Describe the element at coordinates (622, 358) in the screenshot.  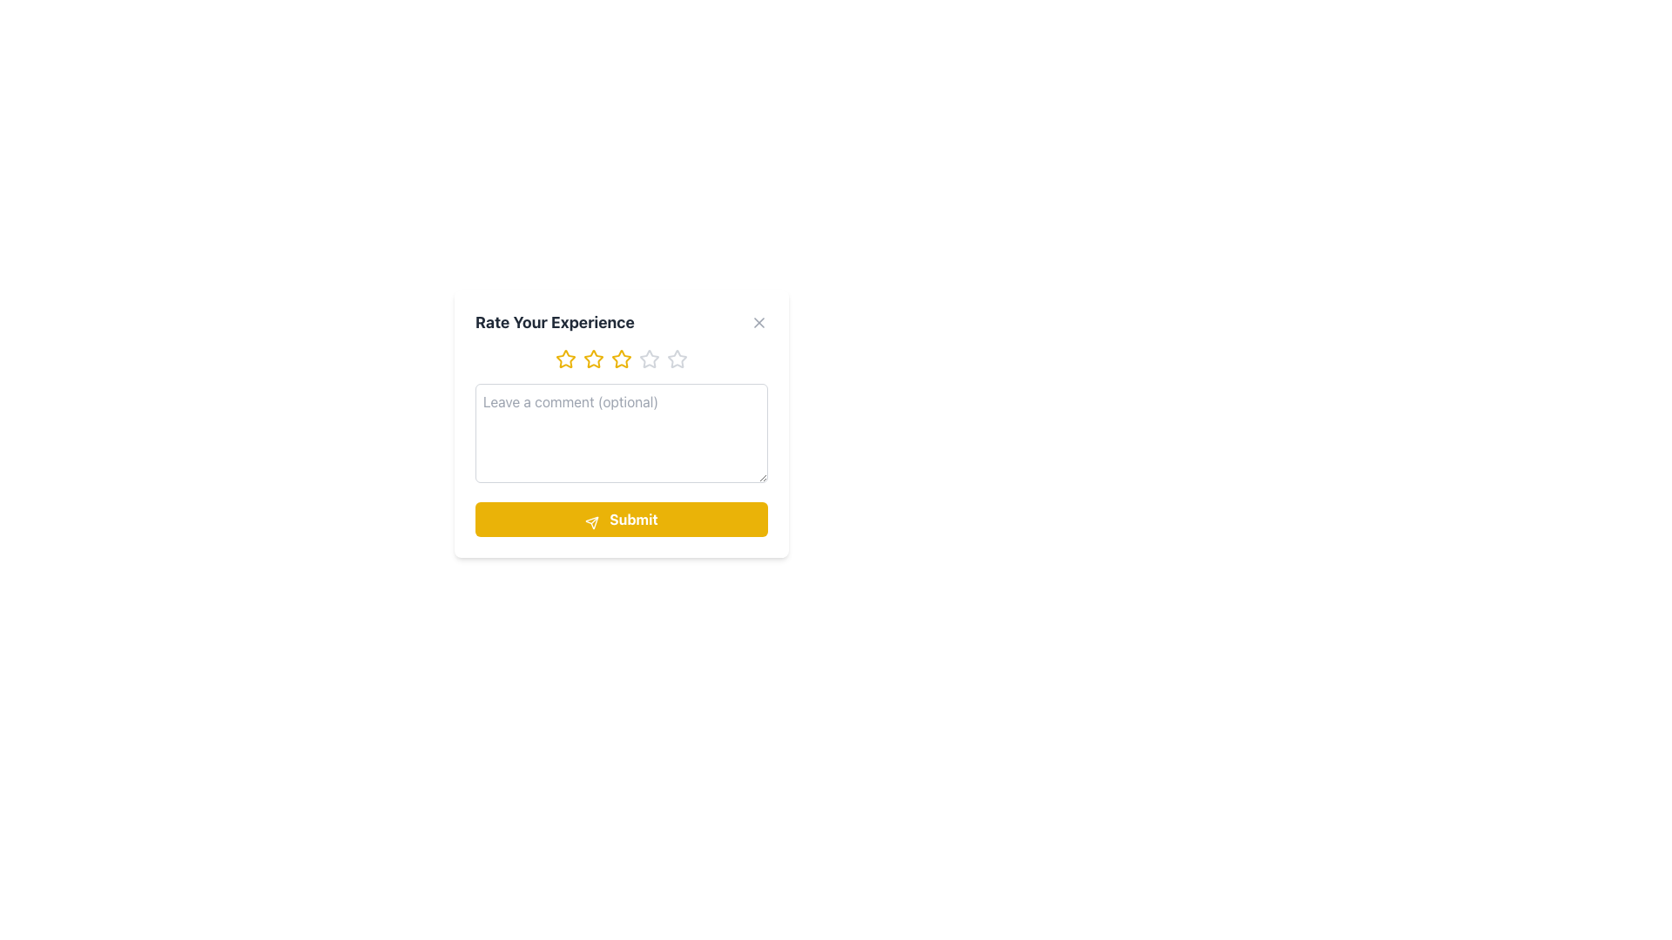
I see `one of the stars in the Star Rating Component, which is located below the 'Rate Your Experience' title and above the 'Leave a comment (optional)' text input area` at that location.